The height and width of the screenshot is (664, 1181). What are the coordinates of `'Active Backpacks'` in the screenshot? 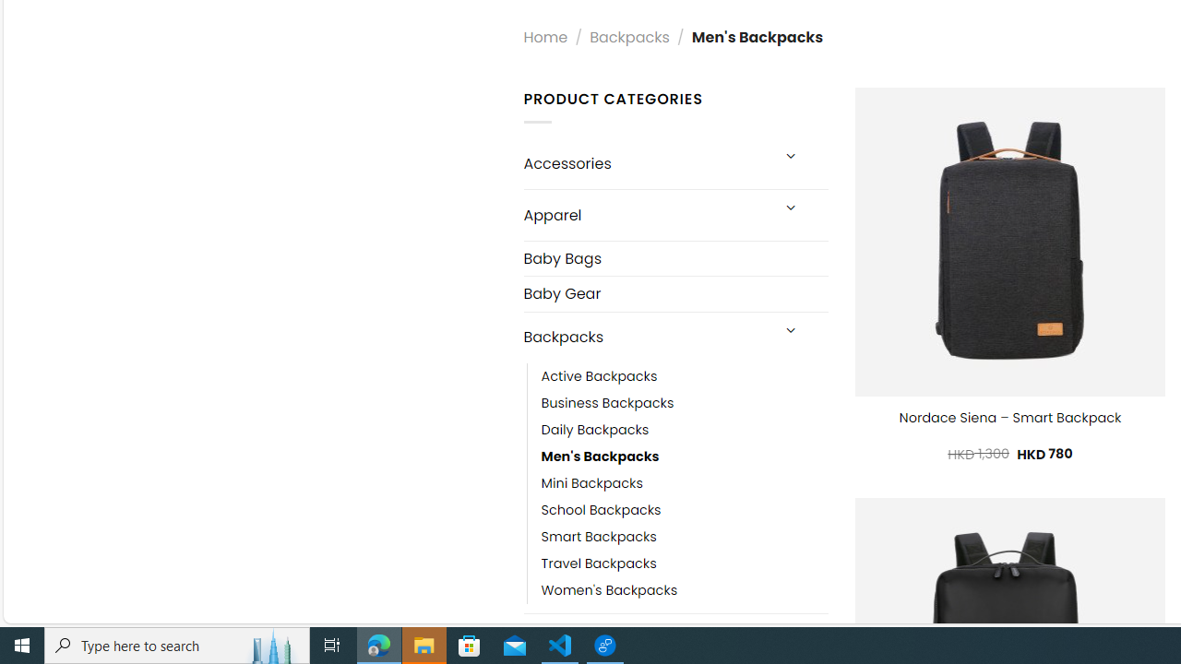 It's located at (599, 375).